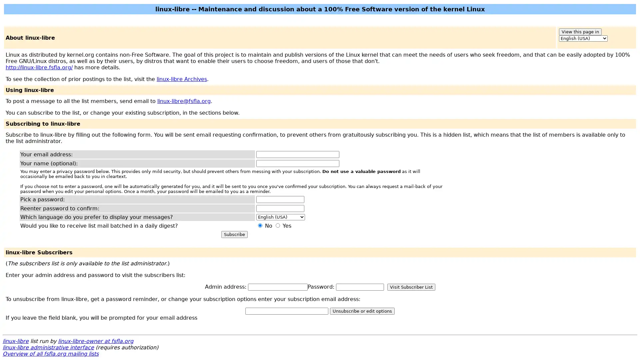 The height and width of the screenshot is (360, 640). I want to click on View this page in, so click(579, 32).